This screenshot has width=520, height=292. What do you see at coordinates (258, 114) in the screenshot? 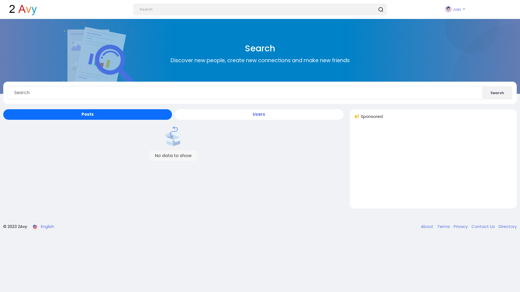
I see `'Users'` at bounding box center [258, 114].